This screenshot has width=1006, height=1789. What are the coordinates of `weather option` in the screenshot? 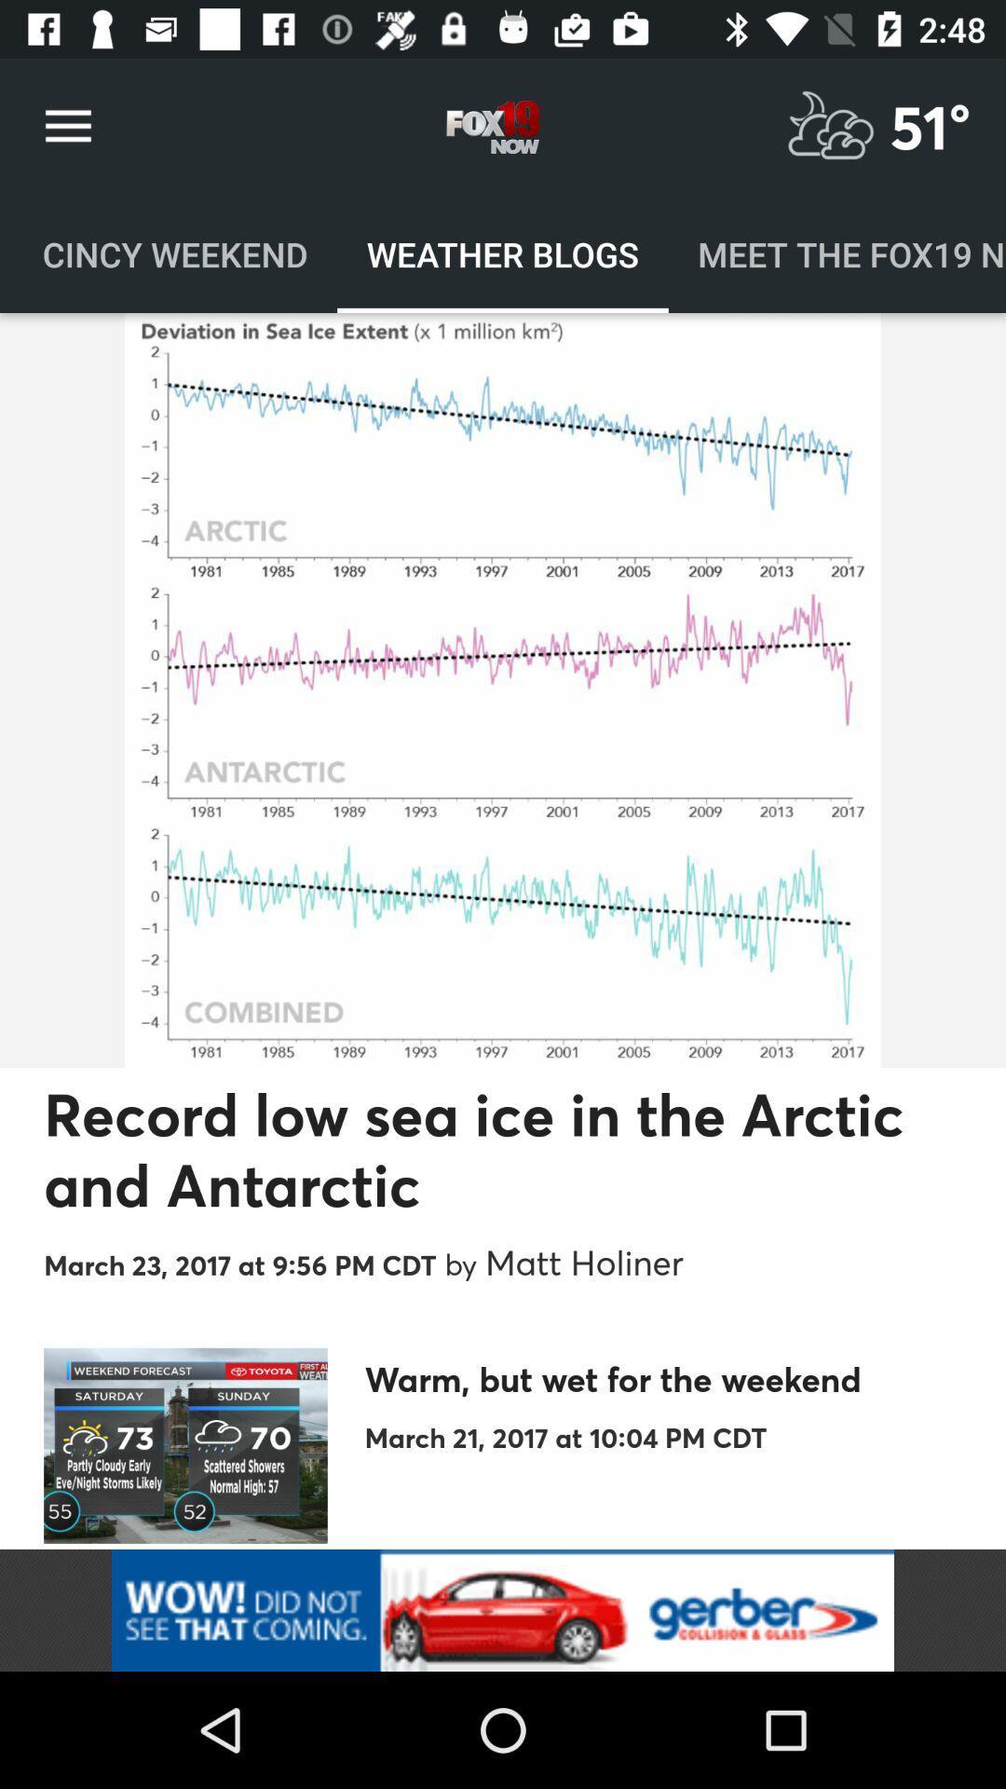 It's located at (830, 126).